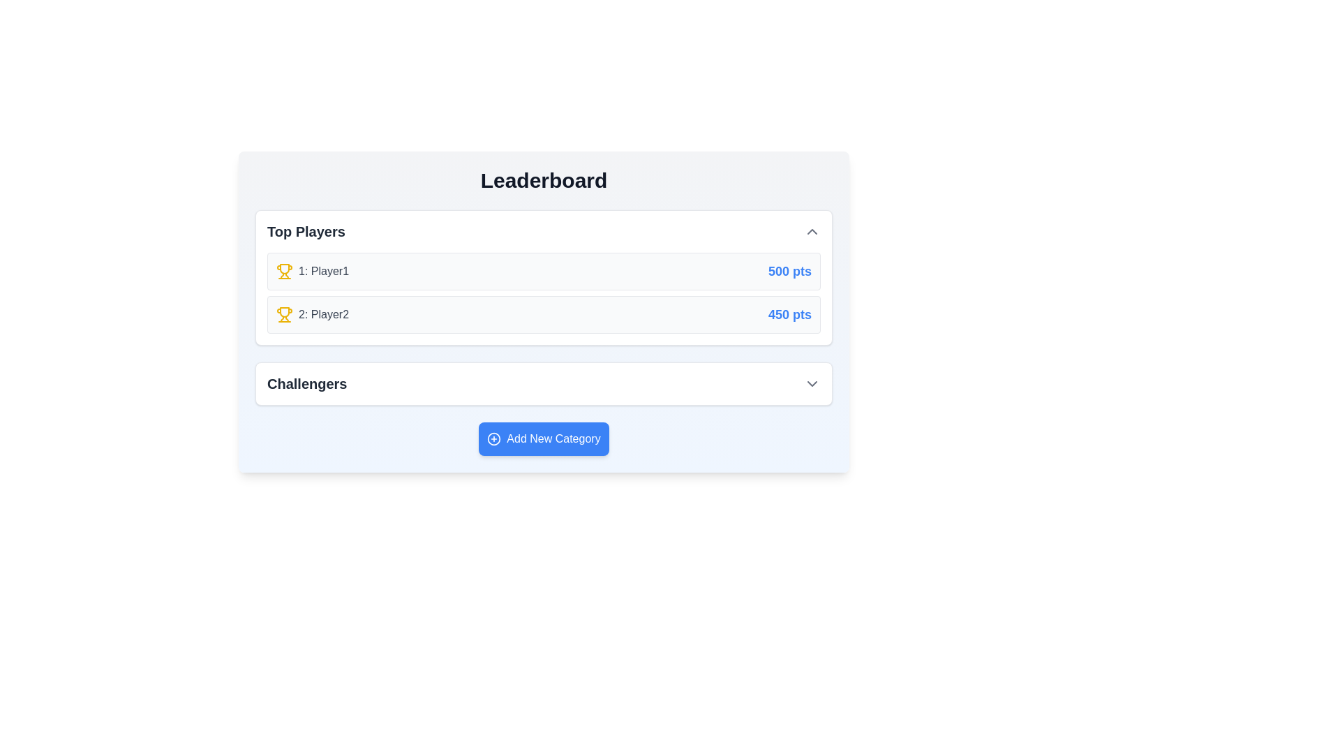 The width and height of the screenshot is (1340, 754). I want to click on the trophy icon, which is styled in a yellow hue and located to the left of the text '2: Player2' in the 'Top Players' section, so click(284, 315).